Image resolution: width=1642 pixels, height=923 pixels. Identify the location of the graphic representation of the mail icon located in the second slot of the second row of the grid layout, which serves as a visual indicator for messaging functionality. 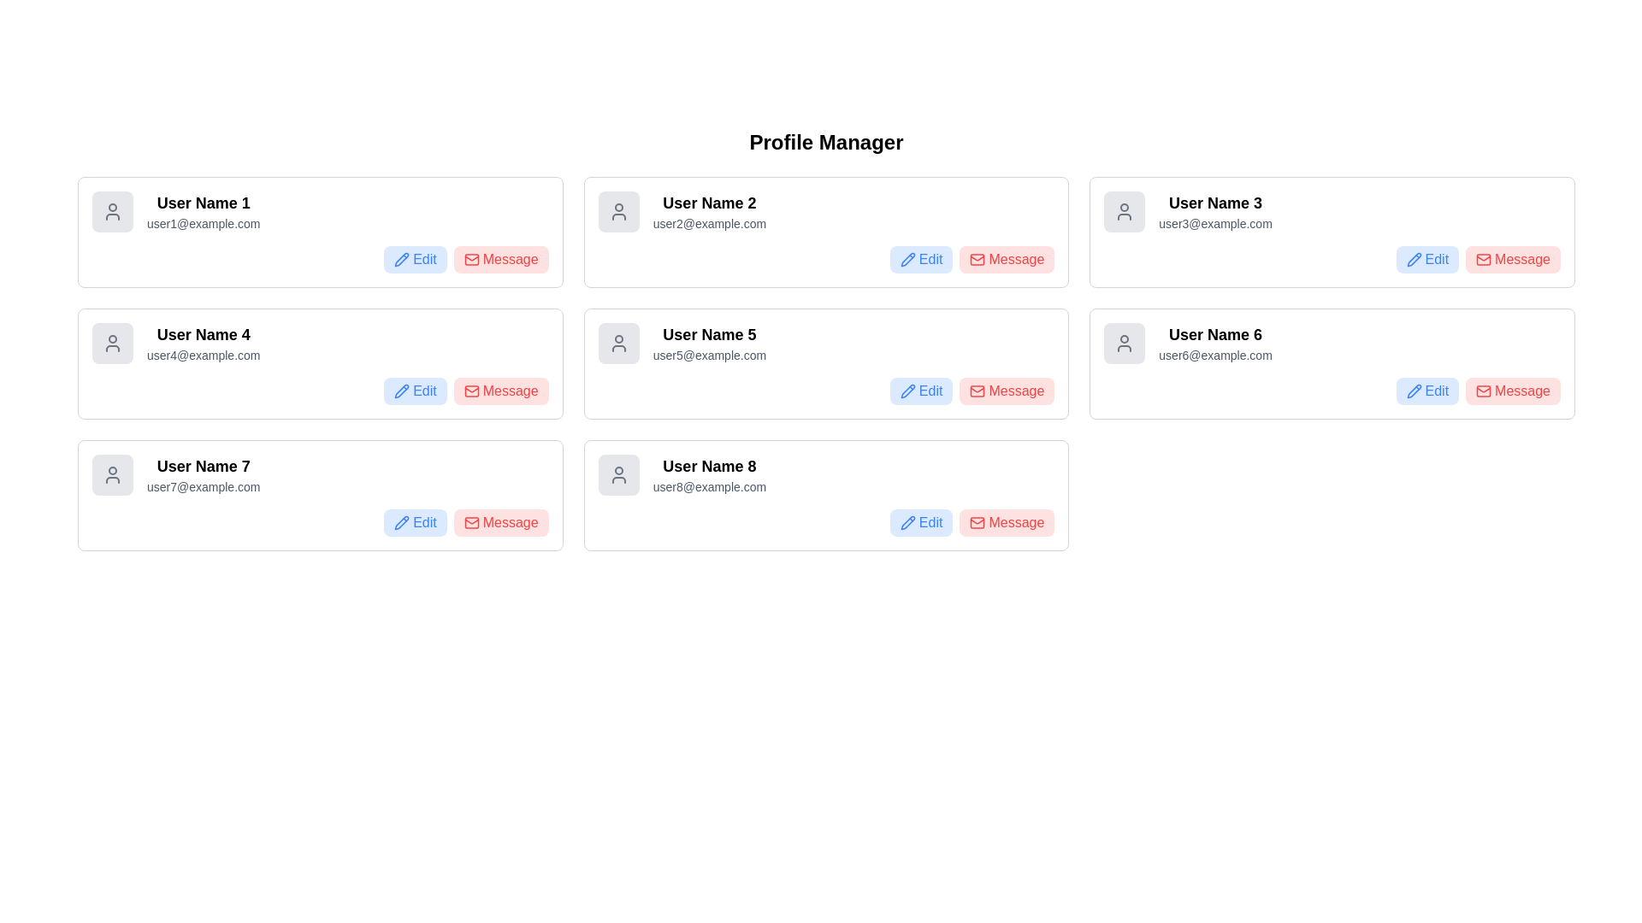
(471, 260).